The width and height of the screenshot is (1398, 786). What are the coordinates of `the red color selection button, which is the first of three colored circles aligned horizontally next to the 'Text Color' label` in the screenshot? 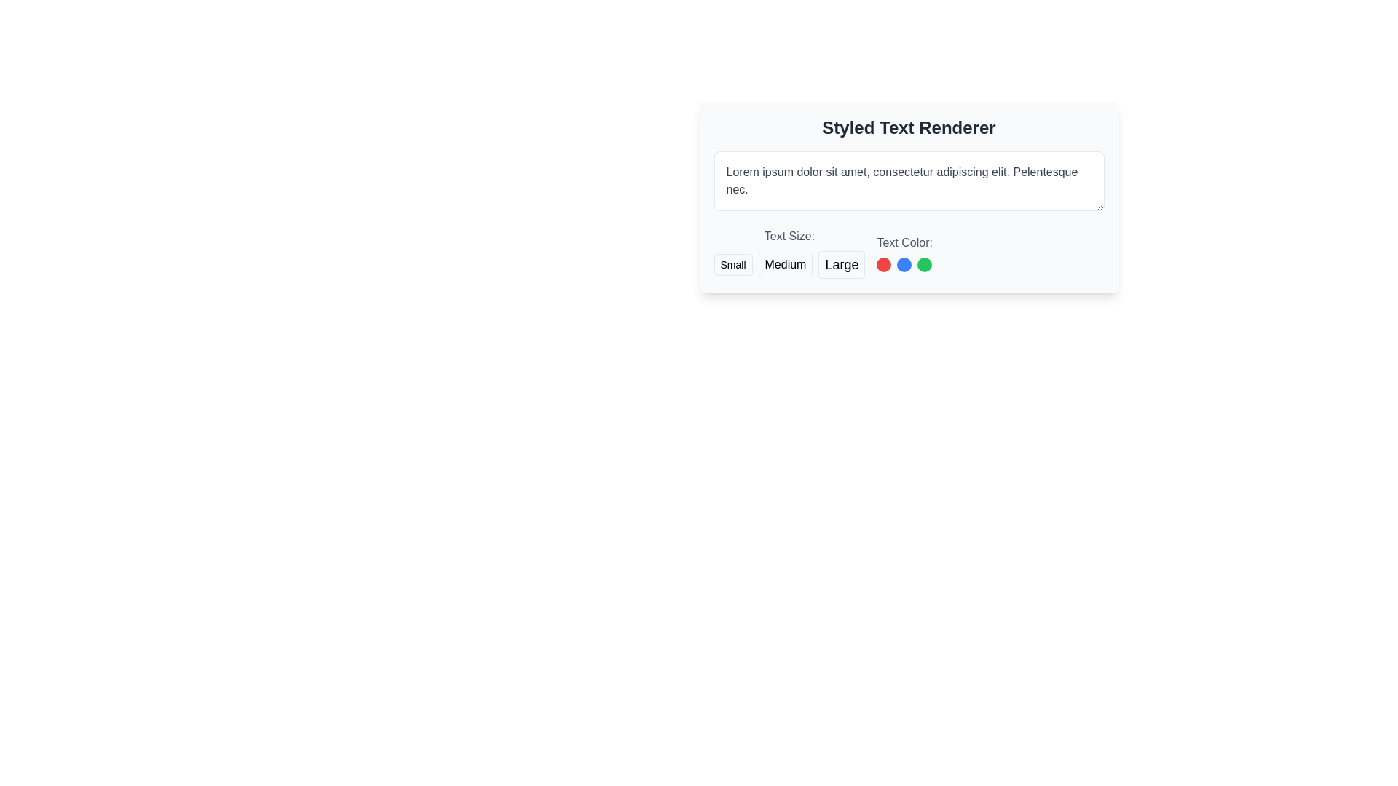 It's located at (883, 264).